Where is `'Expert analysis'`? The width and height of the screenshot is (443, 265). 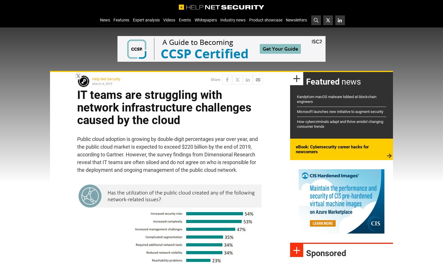
'Expert analysis' is located at coordinates (133, 19).